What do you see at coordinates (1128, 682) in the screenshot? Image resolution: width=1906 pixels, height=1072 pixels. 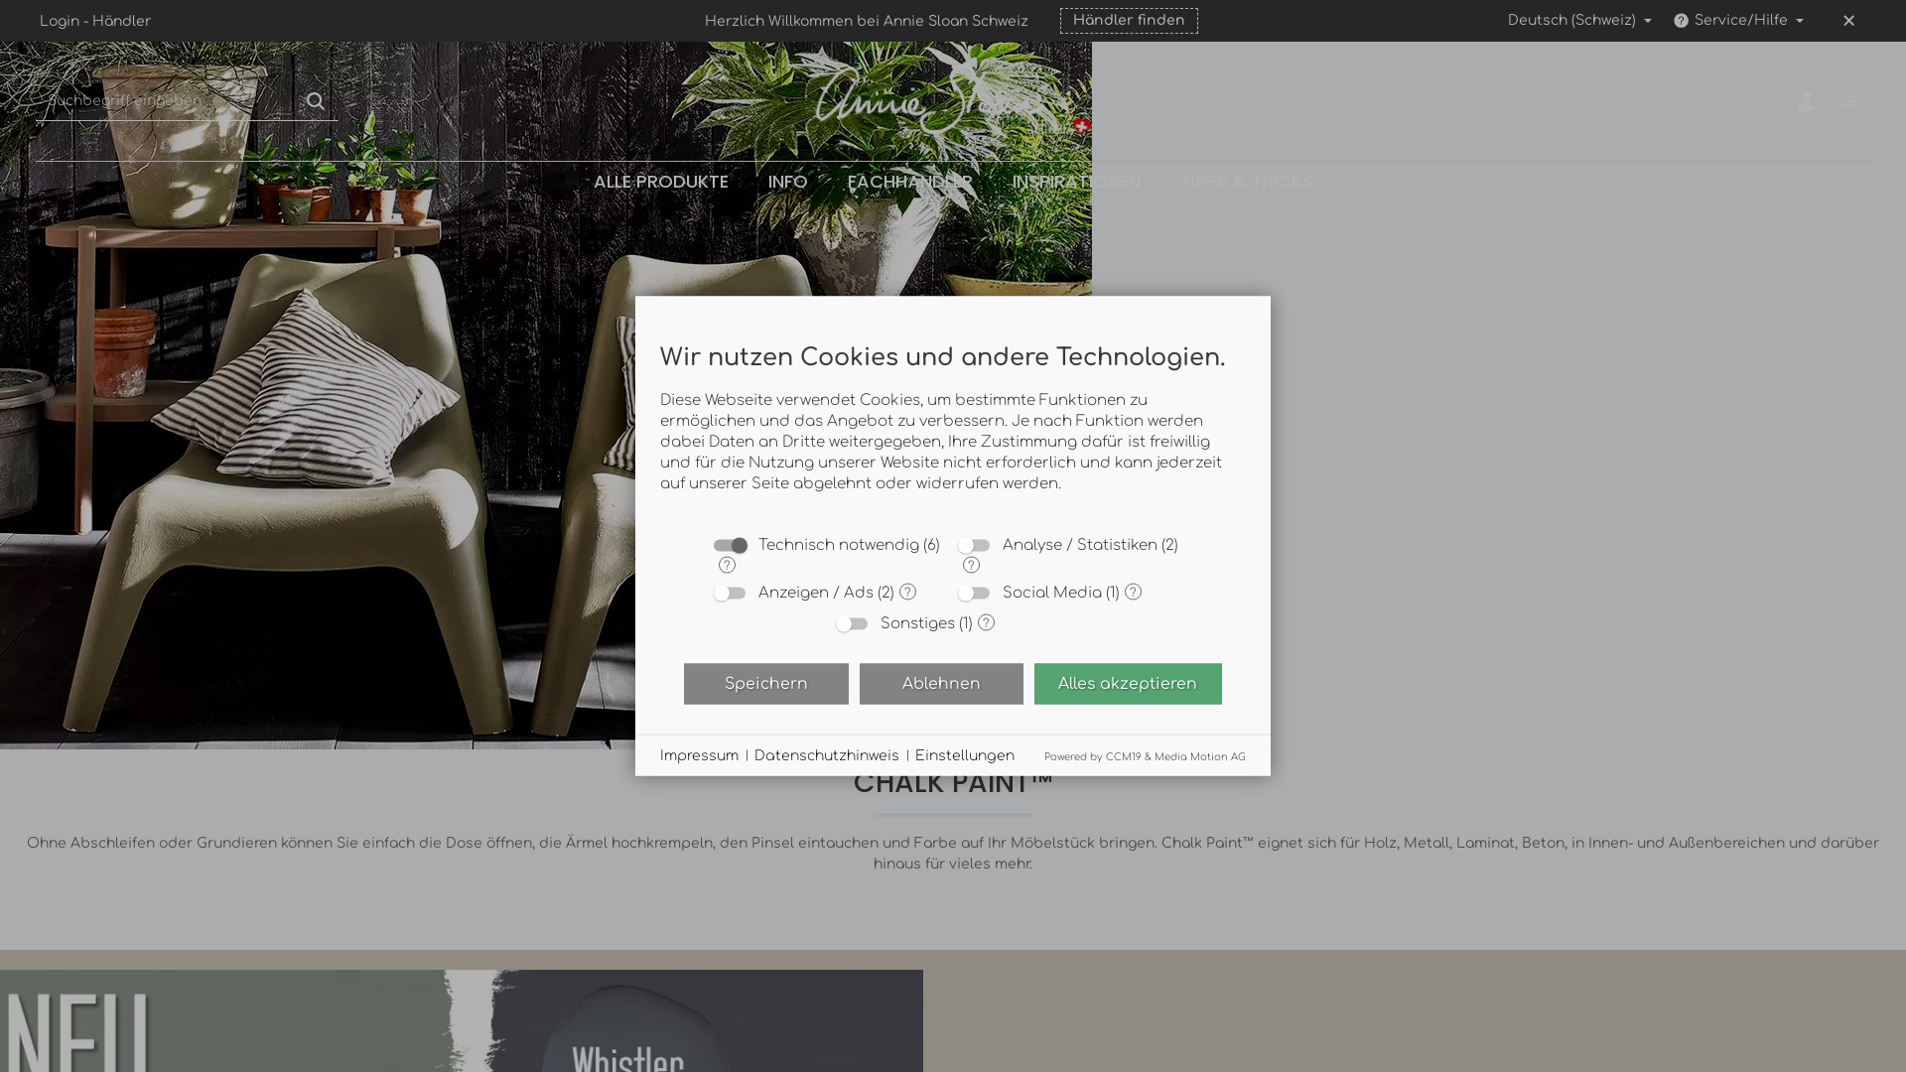 I see `'Alles akzeptieren'` at bounding box center [1128, 682].